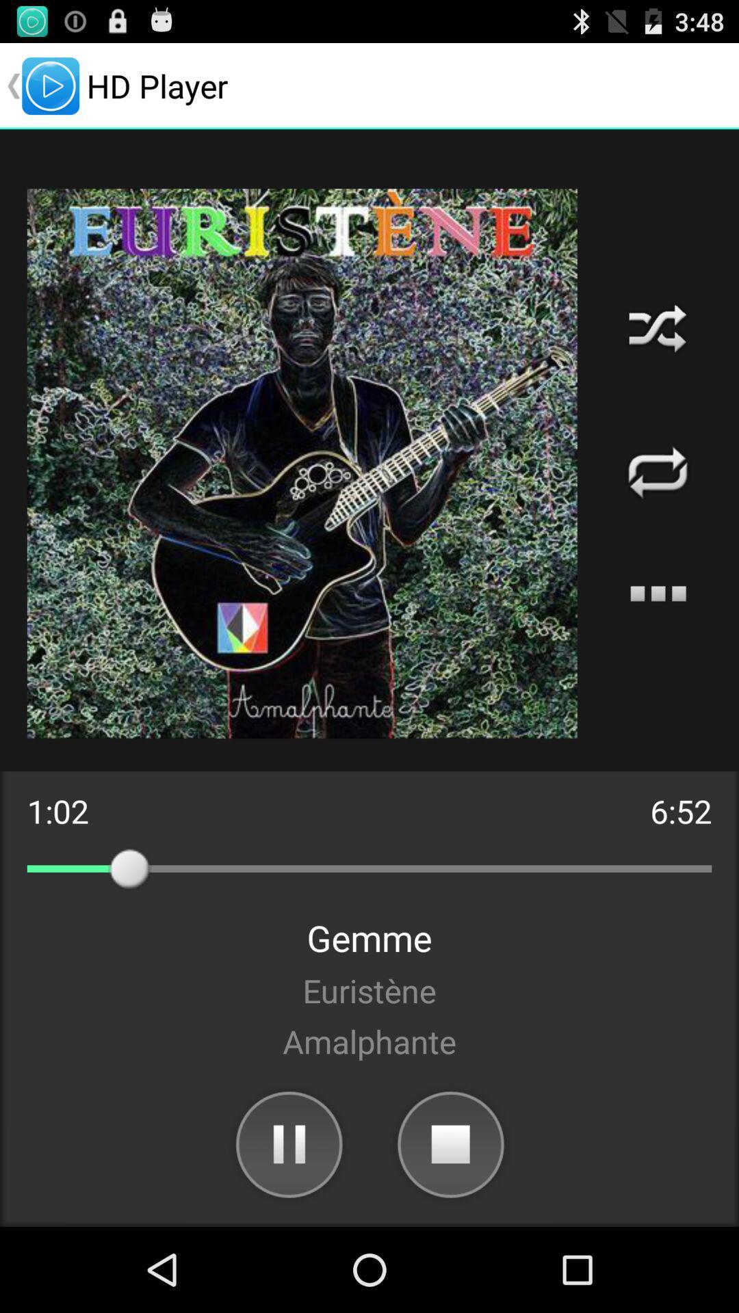  Describe the element at coordinates (657, 635) in the screenshot. I see `the more icon` at that location.